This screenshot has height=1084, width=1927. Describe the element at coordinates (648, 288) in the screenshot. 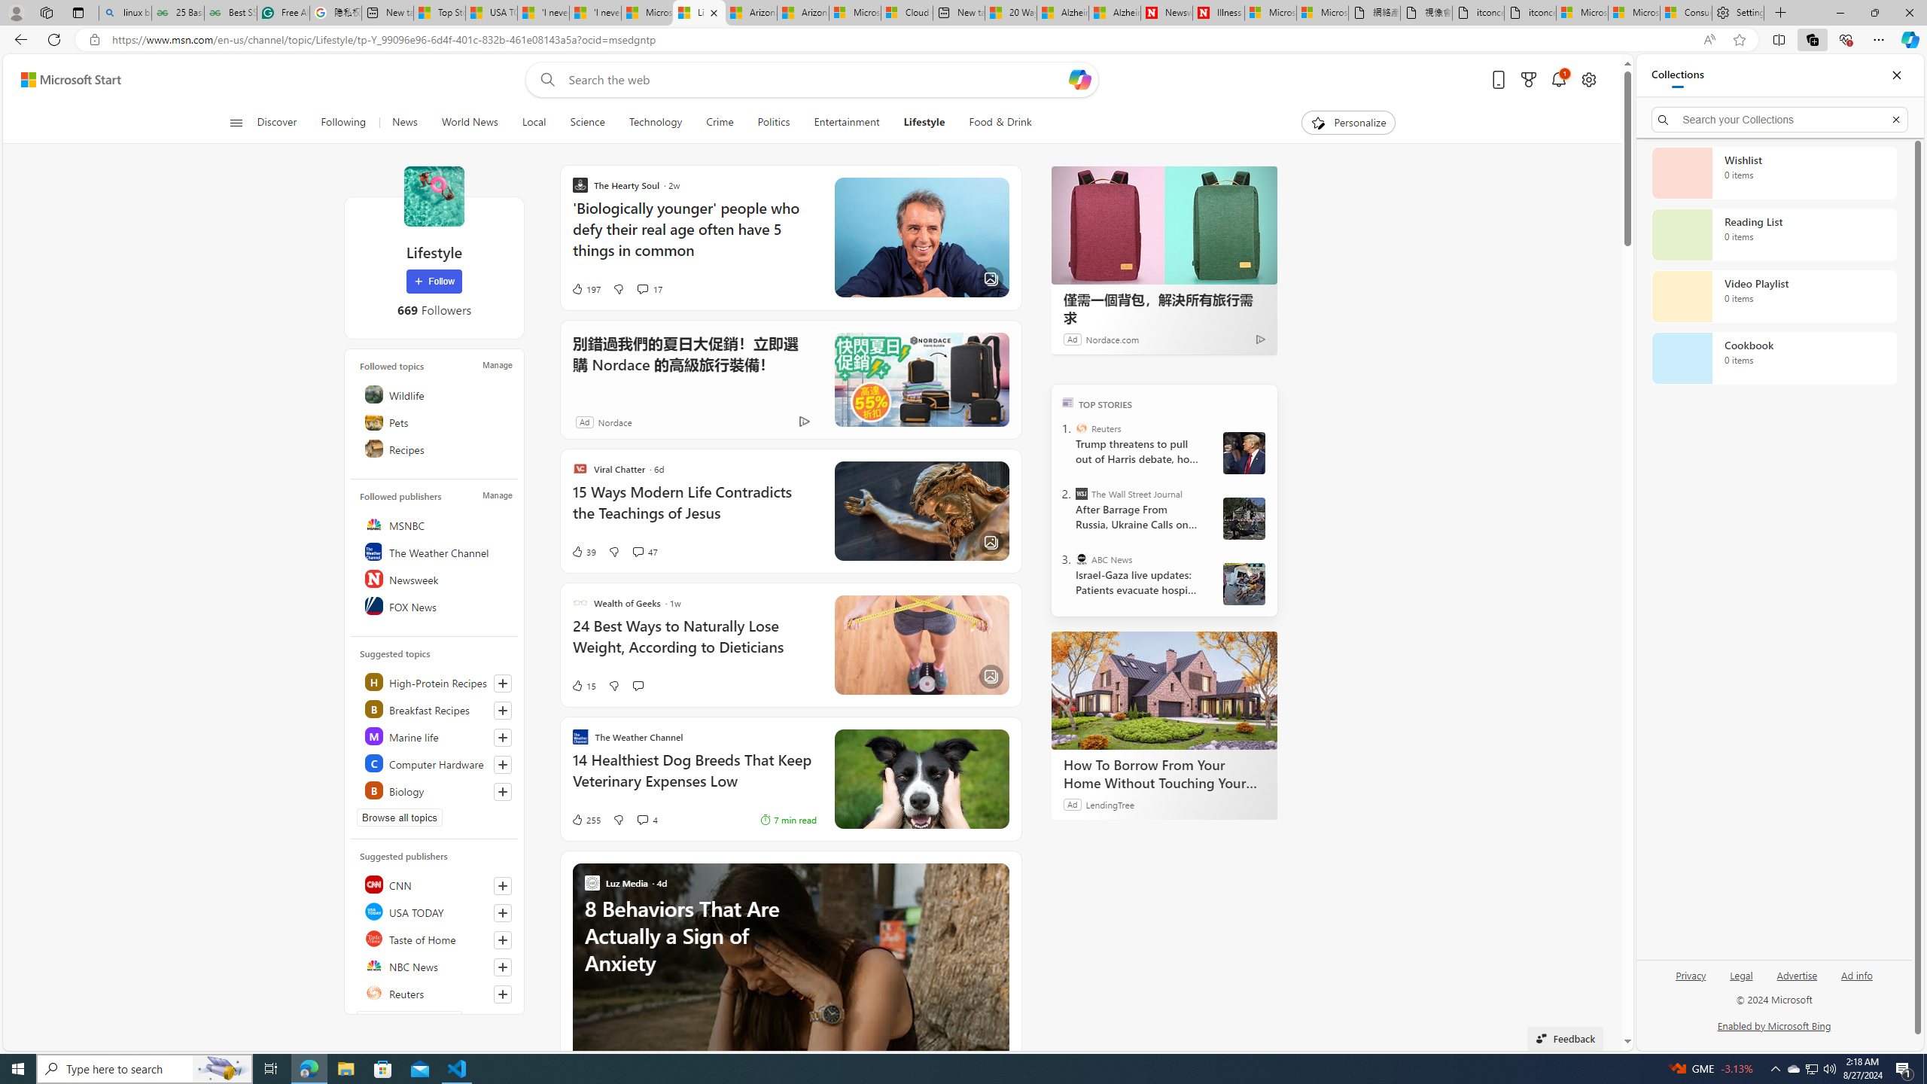

I see `'View comments 17 Comment'` at that location.